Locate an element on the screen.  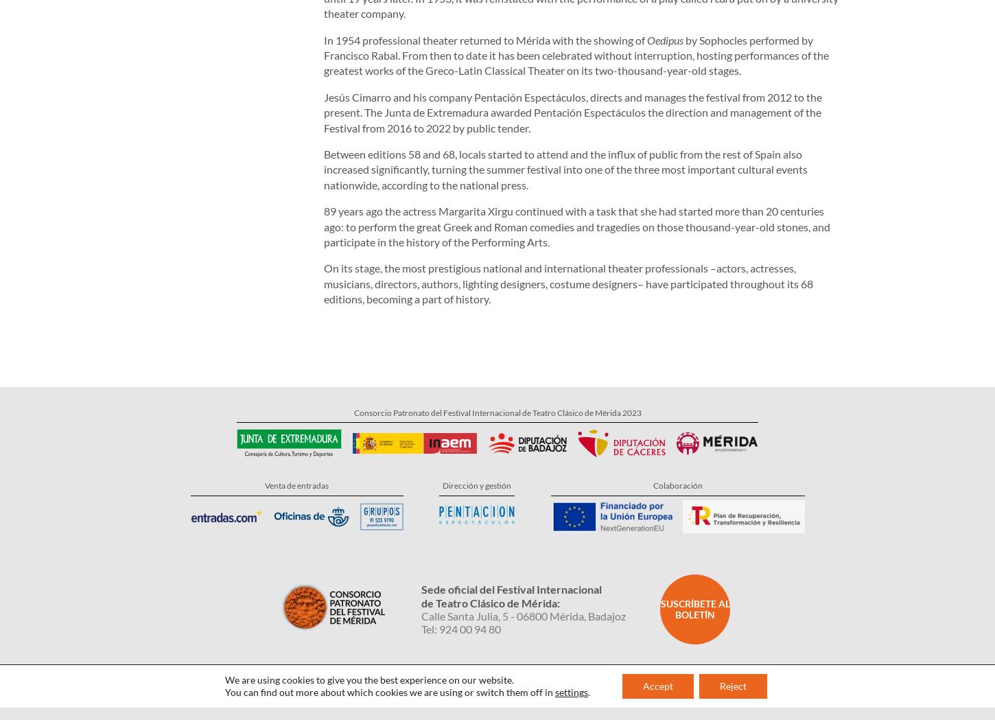
'Dirección y gestión' is located at coordinates (476, 430).